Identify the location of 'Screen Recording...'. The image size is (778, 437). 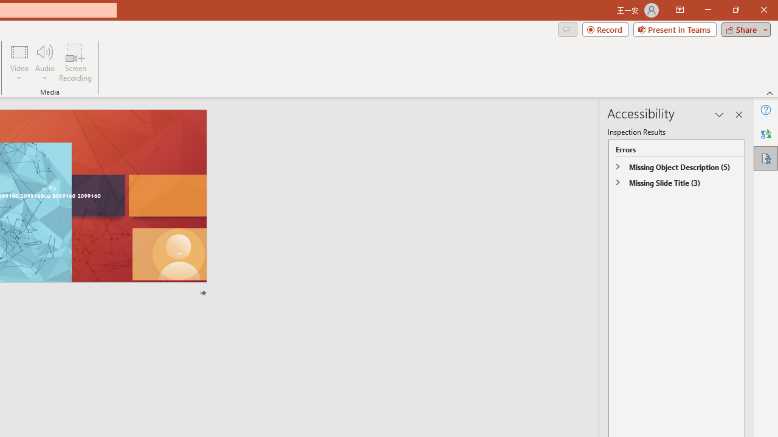
(75, 63).